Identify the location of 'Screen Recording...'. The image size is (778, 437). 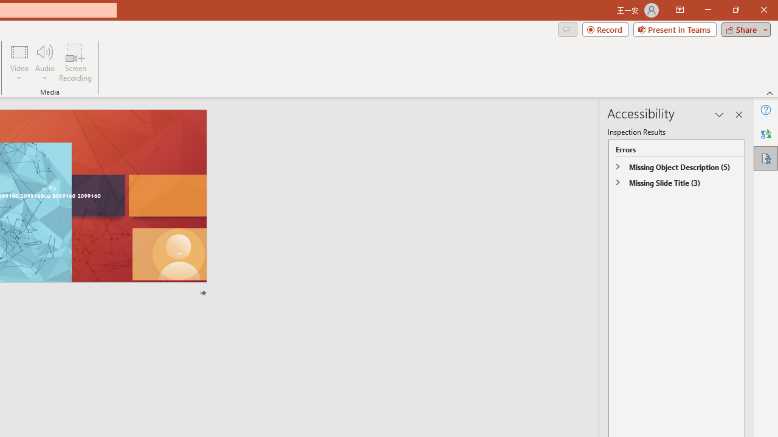
(75, 63).